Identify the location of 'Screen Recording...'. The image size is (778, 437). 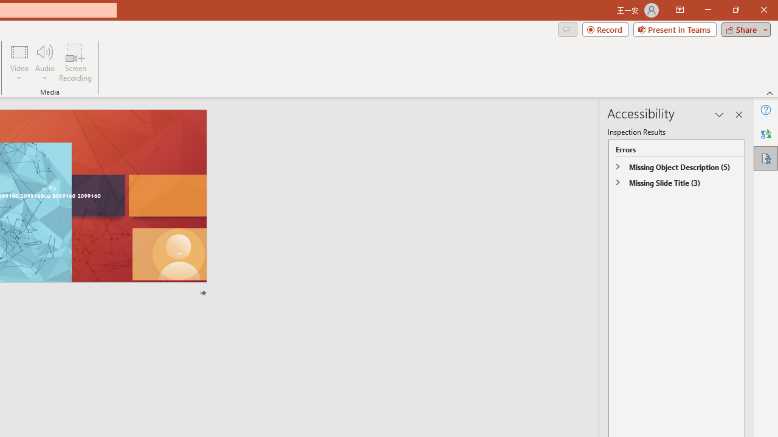
(75, 63).